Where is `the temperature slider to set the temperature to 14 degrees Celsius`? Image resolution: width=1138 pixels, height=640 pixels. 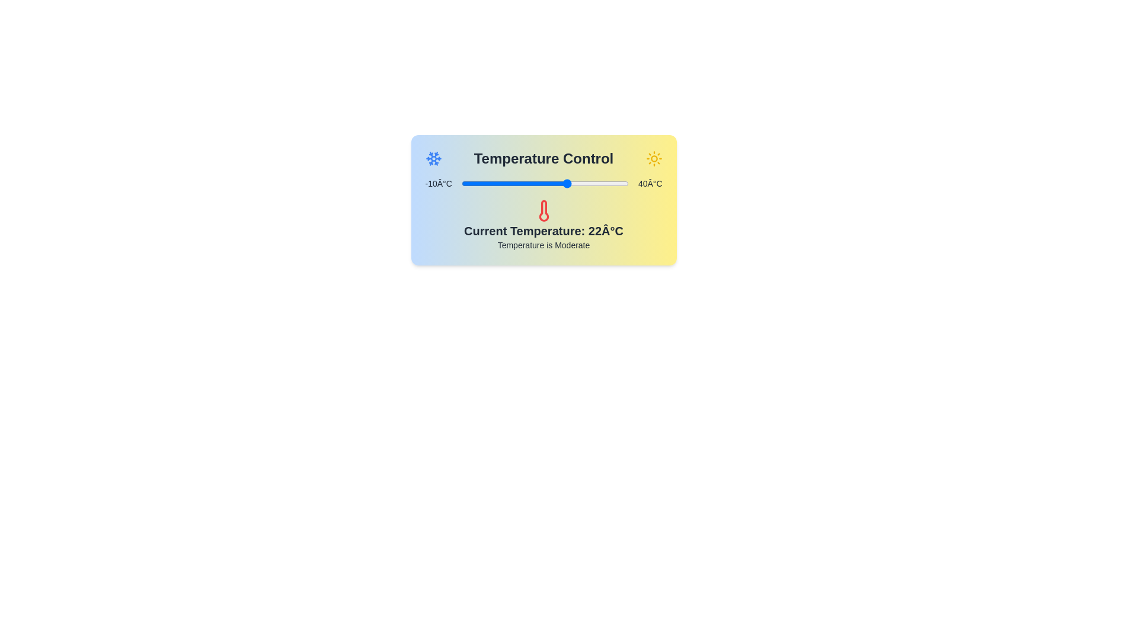 the temperature slider to set the temperature to 14 degrees Celsius is located at coordinates (541, 183).